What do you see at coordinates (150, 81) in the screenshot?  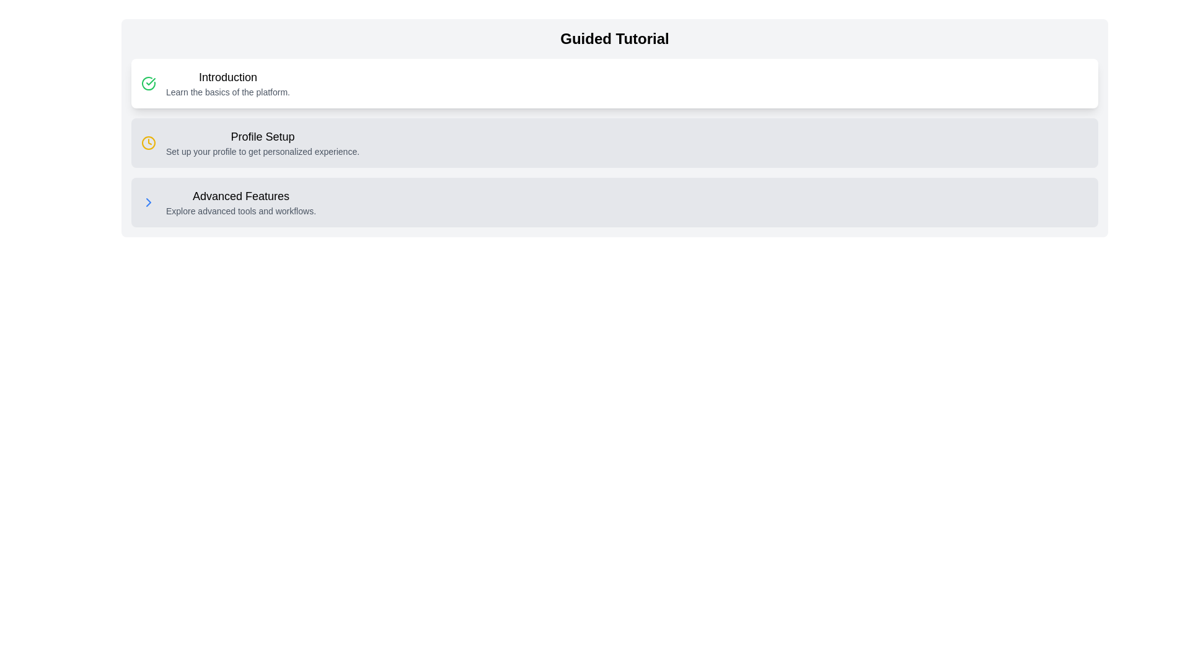 I see `the Vector graphic icon (checkmark) located within the green circular icon next to the 'Introduction' entry in the 'Guided Tutorial' interface` at bounding box center [150, 81].